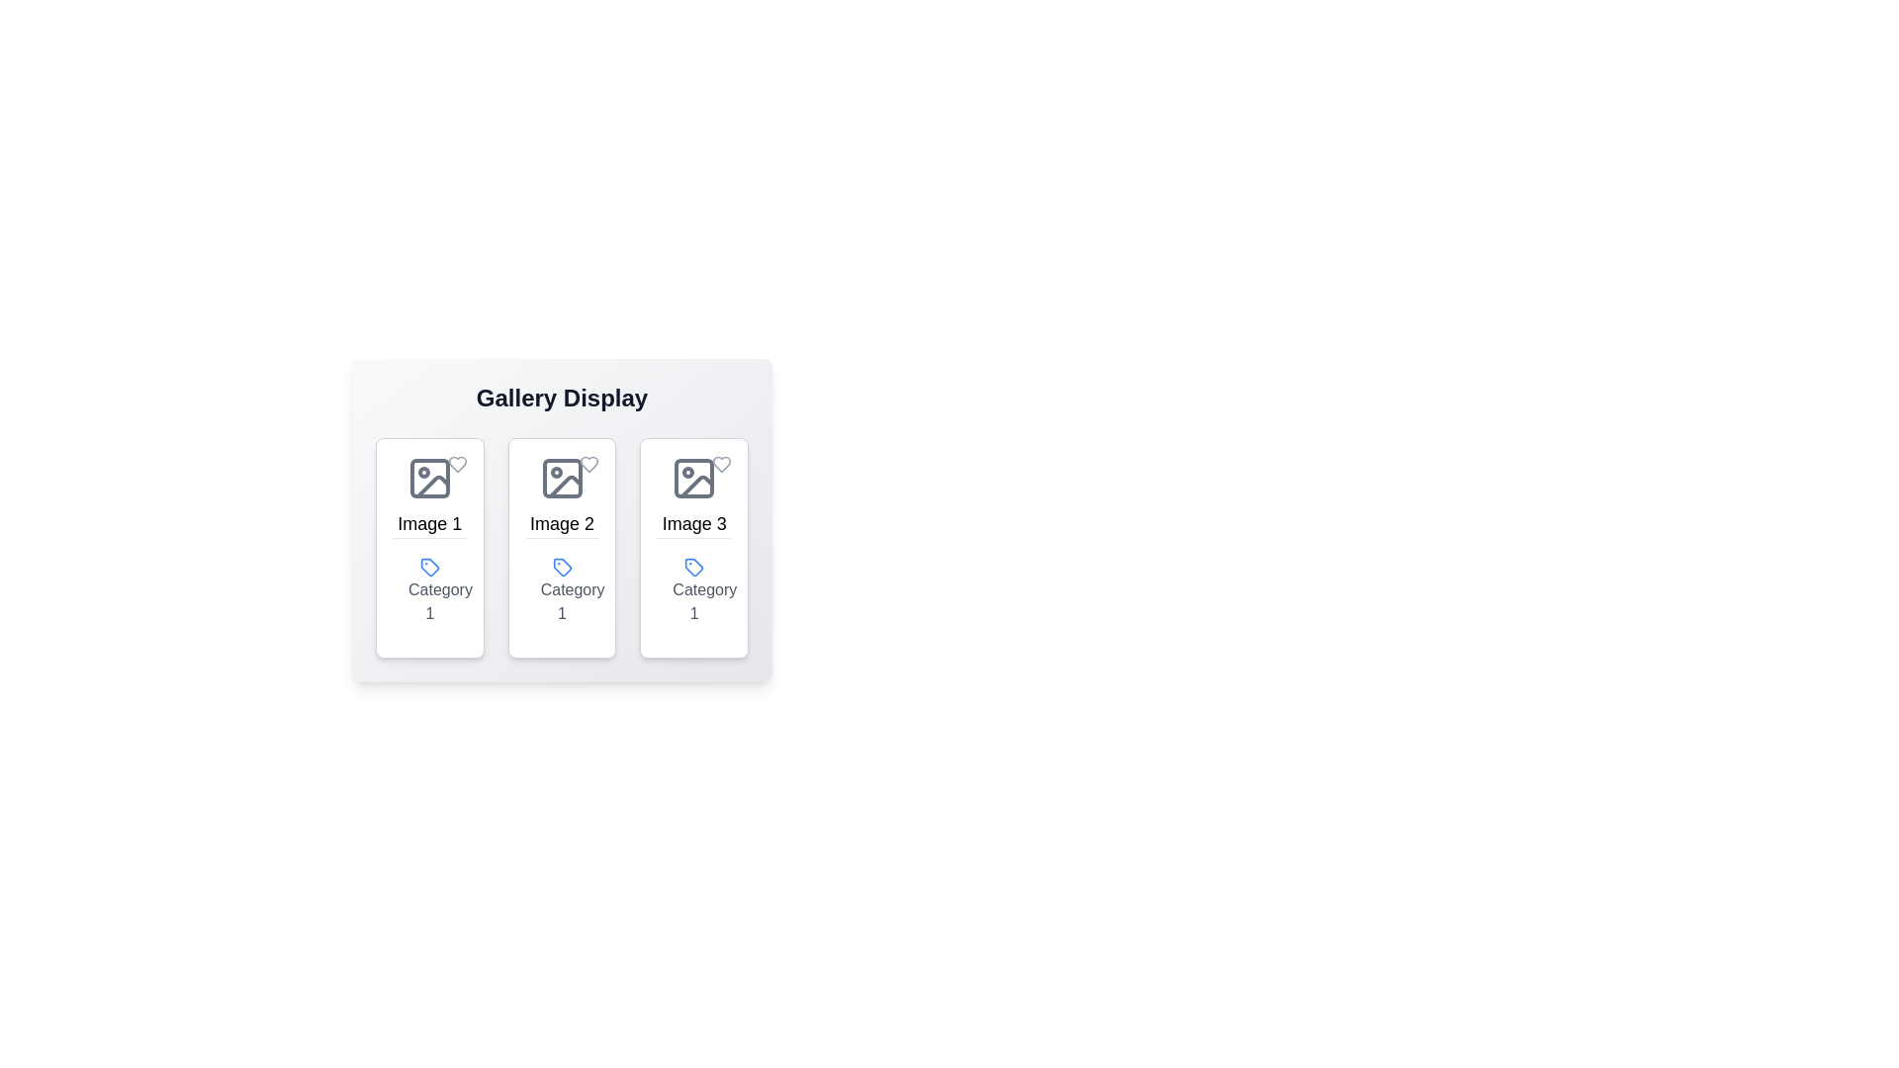 The width and height of the screenshot is (1899, 1068). Describe the element at coordinates (428, 522) in the screenshot. I see `the centered text label reading 'Image 1', which is styled in a medium-sized, bold font and located below an image-like graphical icon in the first column of a horizontal gallery layout` at that location.